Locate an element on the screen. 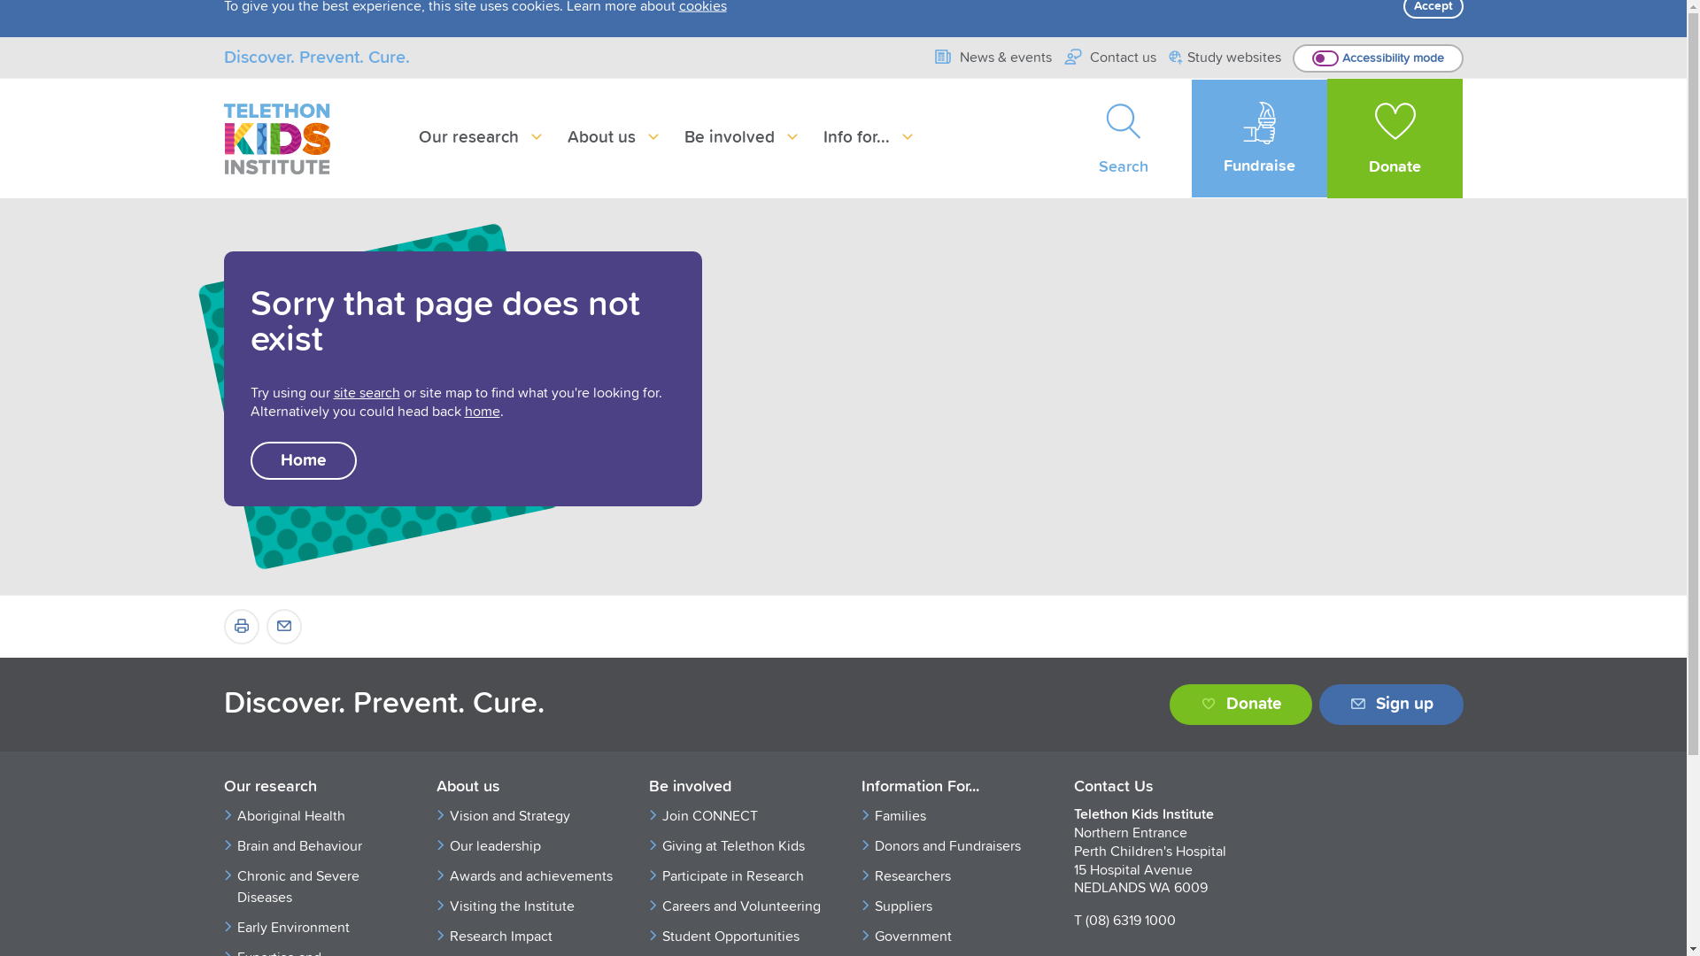 Image resolution: width=1700 pixels, height=956 pixels. 'Home' is located at coordinates (302, 459).